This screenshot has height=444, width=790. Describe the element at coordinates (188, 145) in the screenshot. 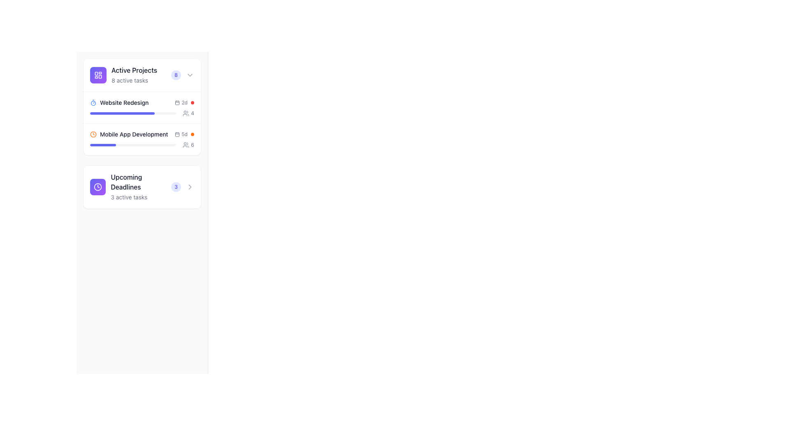

I see `the user count indicator icon with the numeral '6' located on the right side of the 'Mobile App Development' row in the 'Active Projects' section` at that location.